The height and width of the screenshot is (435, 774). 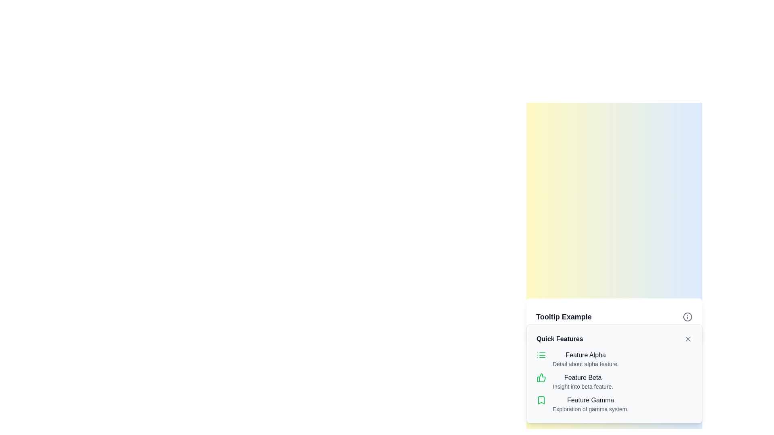 What do you see at coordinates (586, 358) in the screenshot?
I see `and interpret the text displayed in the 'Feature Alpha' text block located under the 'Quick Features' section, positioned just below the green icon` at bounding box center [586, 358].